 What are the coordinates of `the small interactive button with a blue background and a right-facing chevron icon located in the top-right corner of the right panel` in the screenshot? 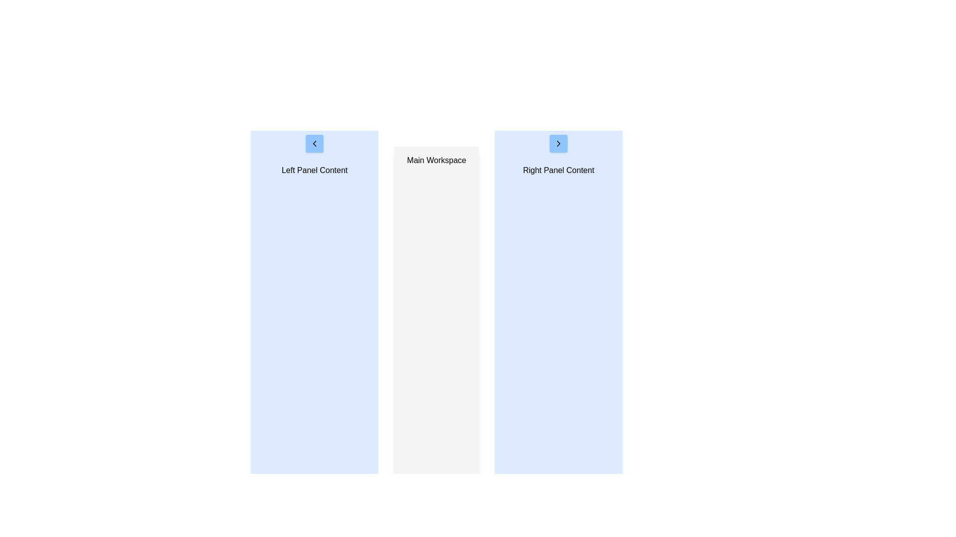 It's located at (559, 144).